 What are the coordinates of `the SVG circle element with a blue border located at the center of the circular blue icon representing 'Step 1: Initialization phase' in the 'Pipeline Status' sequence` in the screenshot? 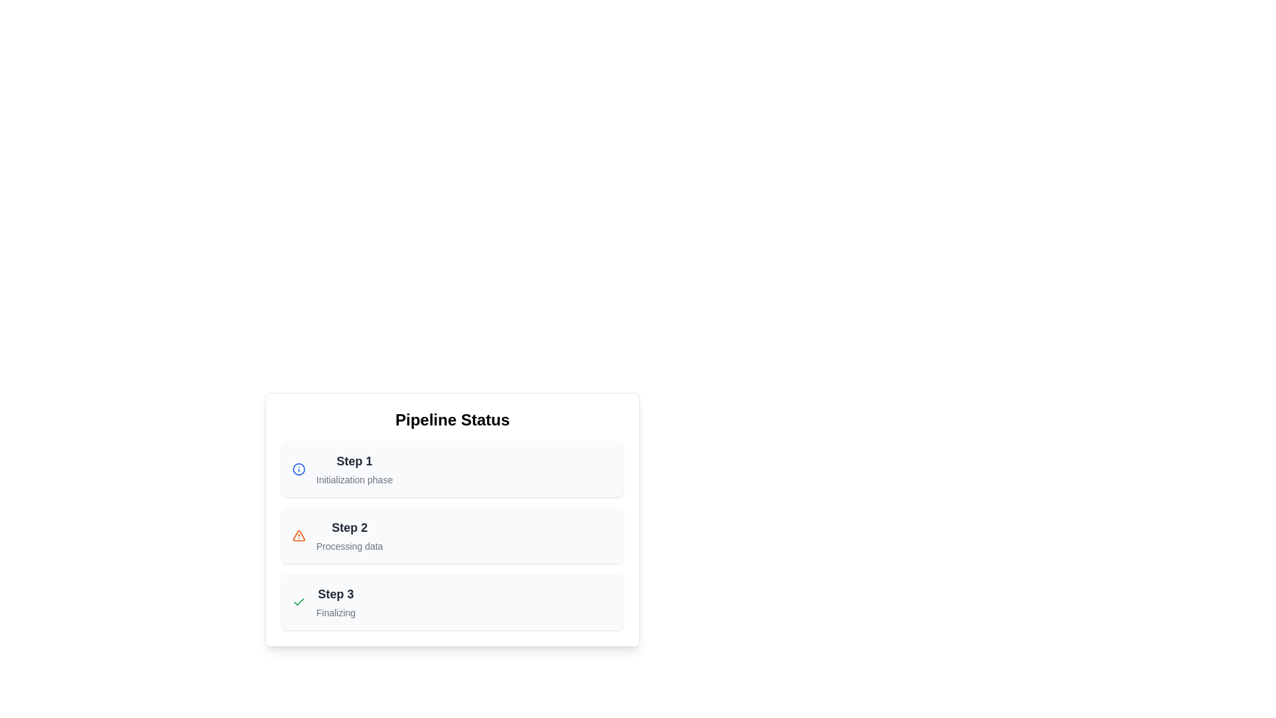 It's located at (298, 468).